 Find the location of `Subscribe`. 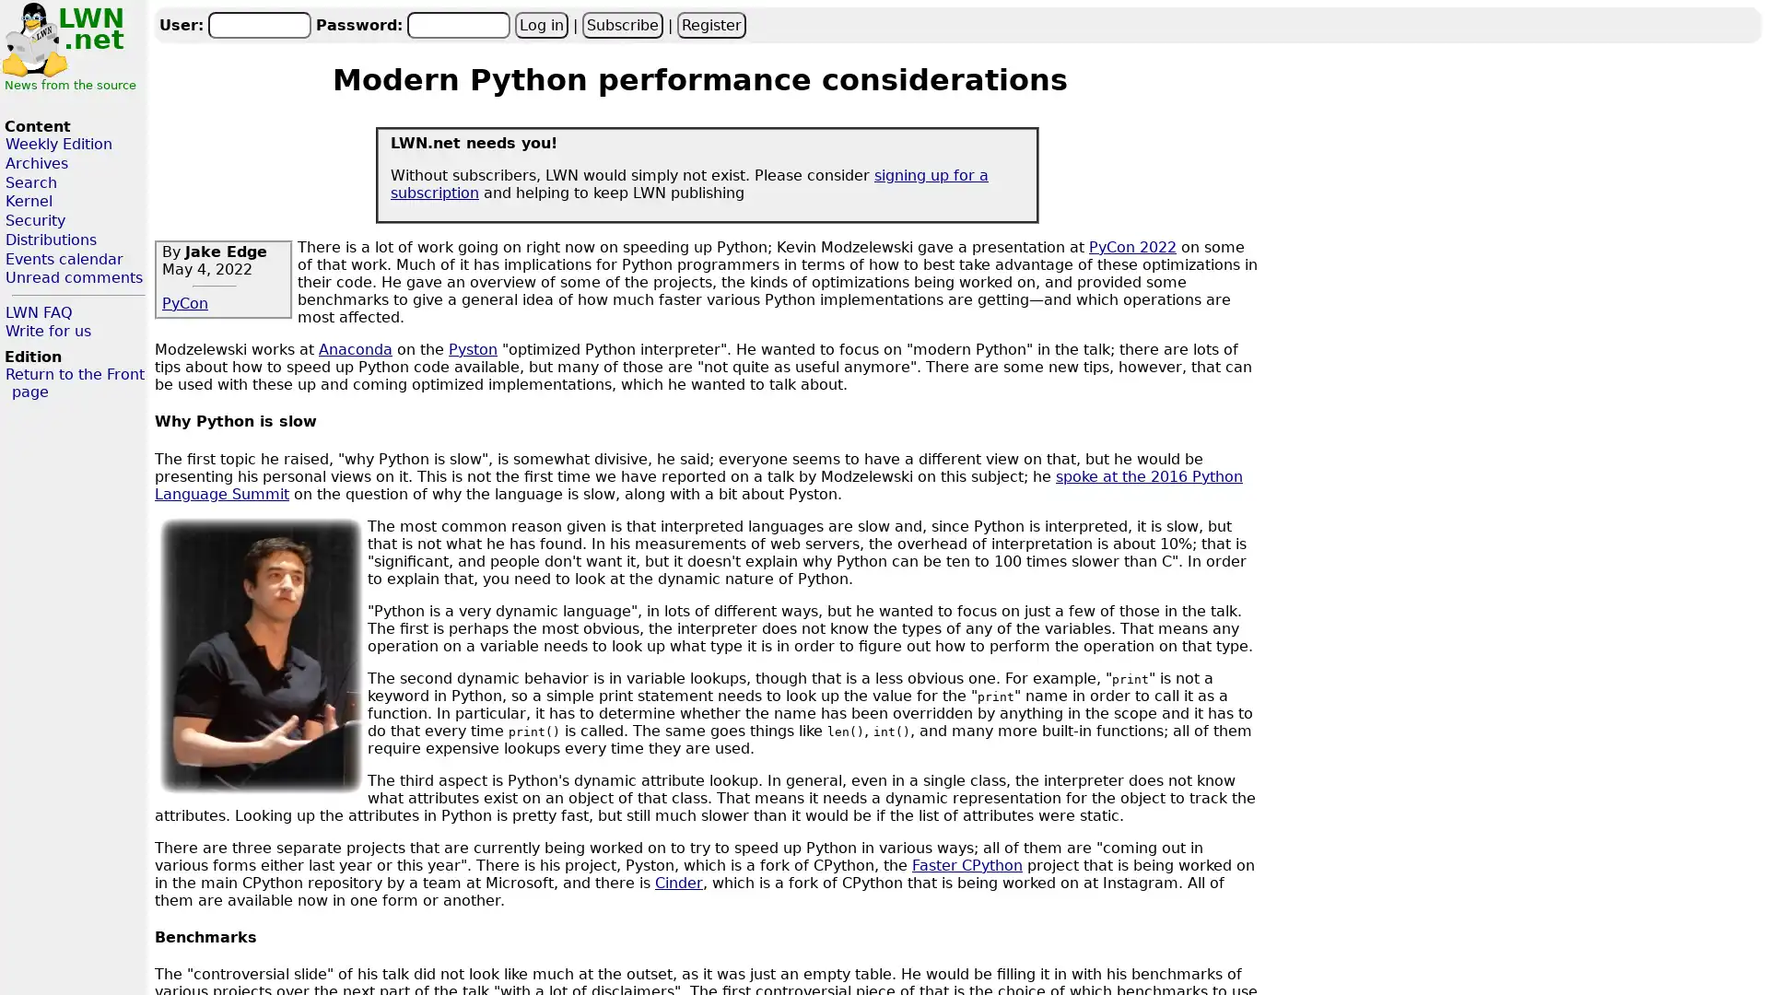

Subscribe is located at coordinates (622, 24).